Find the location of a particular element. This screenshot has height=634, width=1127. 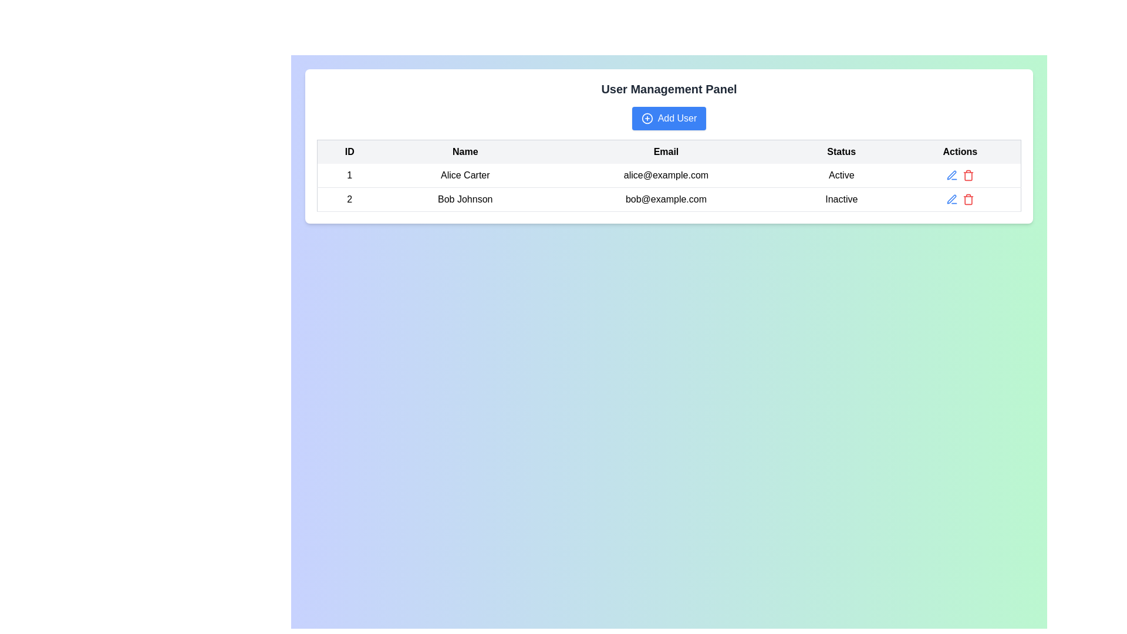

the Static Label displaying 'Inactive', which is located in the second row of the table under the 'Status' column is located at coordinates (841, 198).